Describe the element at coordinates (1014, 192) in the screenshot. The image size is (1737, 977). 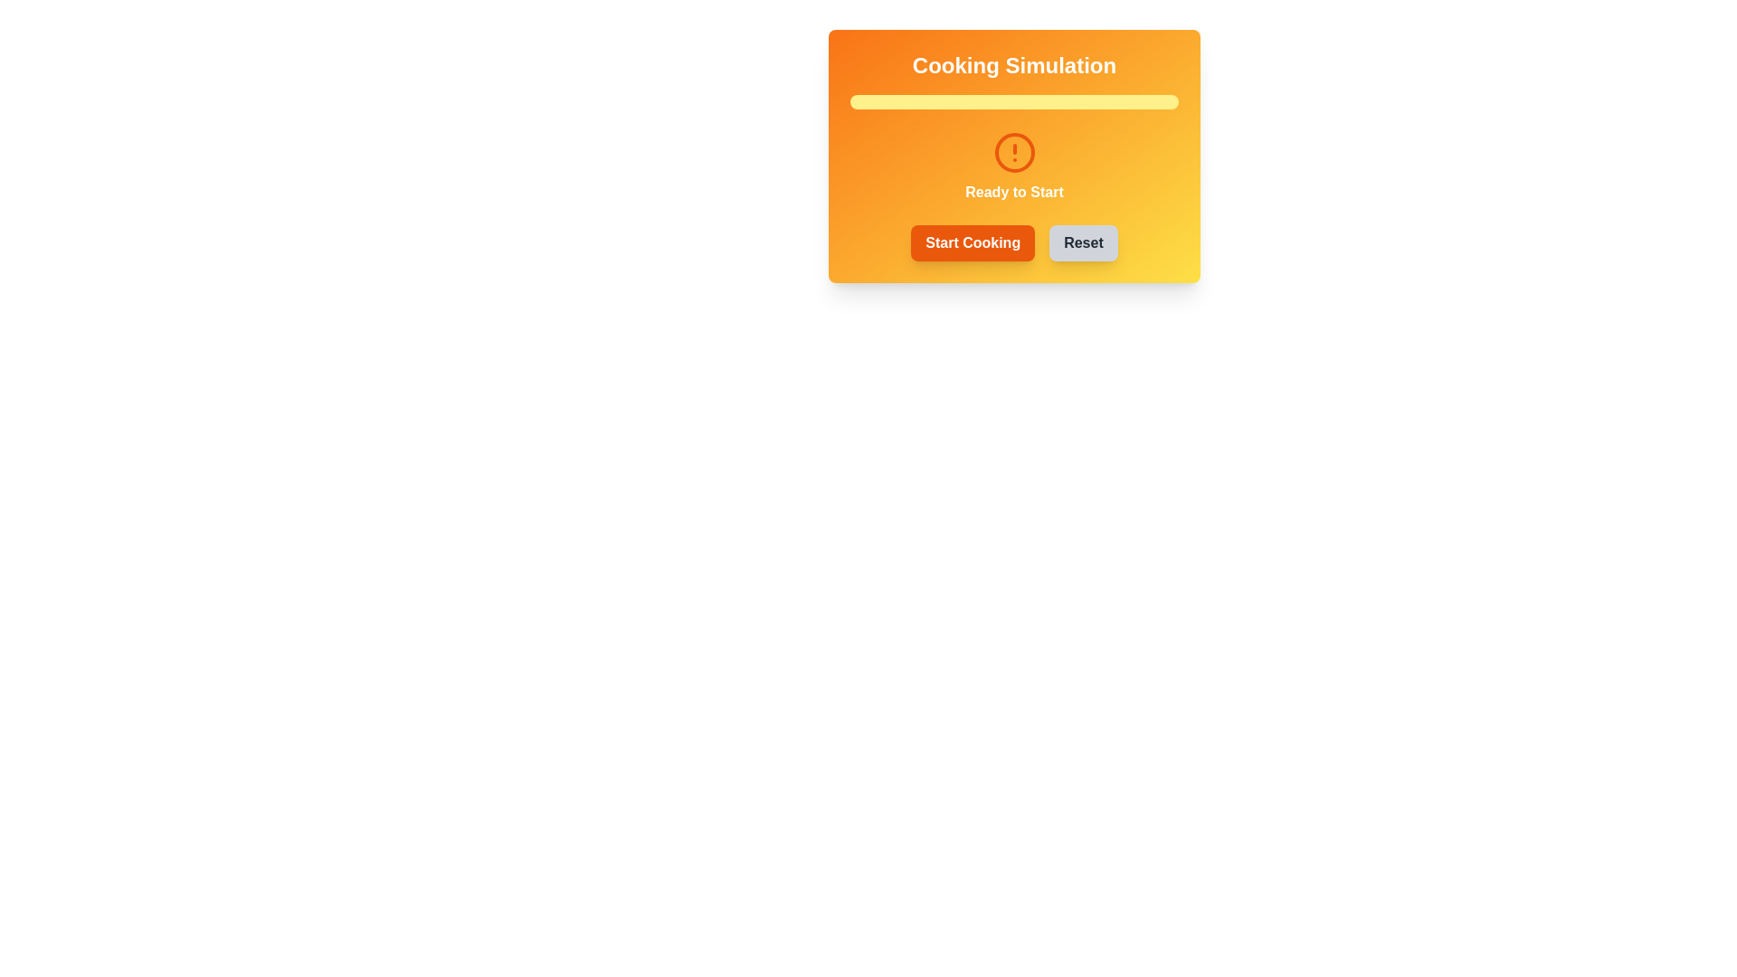
I see `the static text label that provides a status update or instruction, located below the circular warning icon and above the 'Start Cooking' and 'Reset' buttons` at that location.